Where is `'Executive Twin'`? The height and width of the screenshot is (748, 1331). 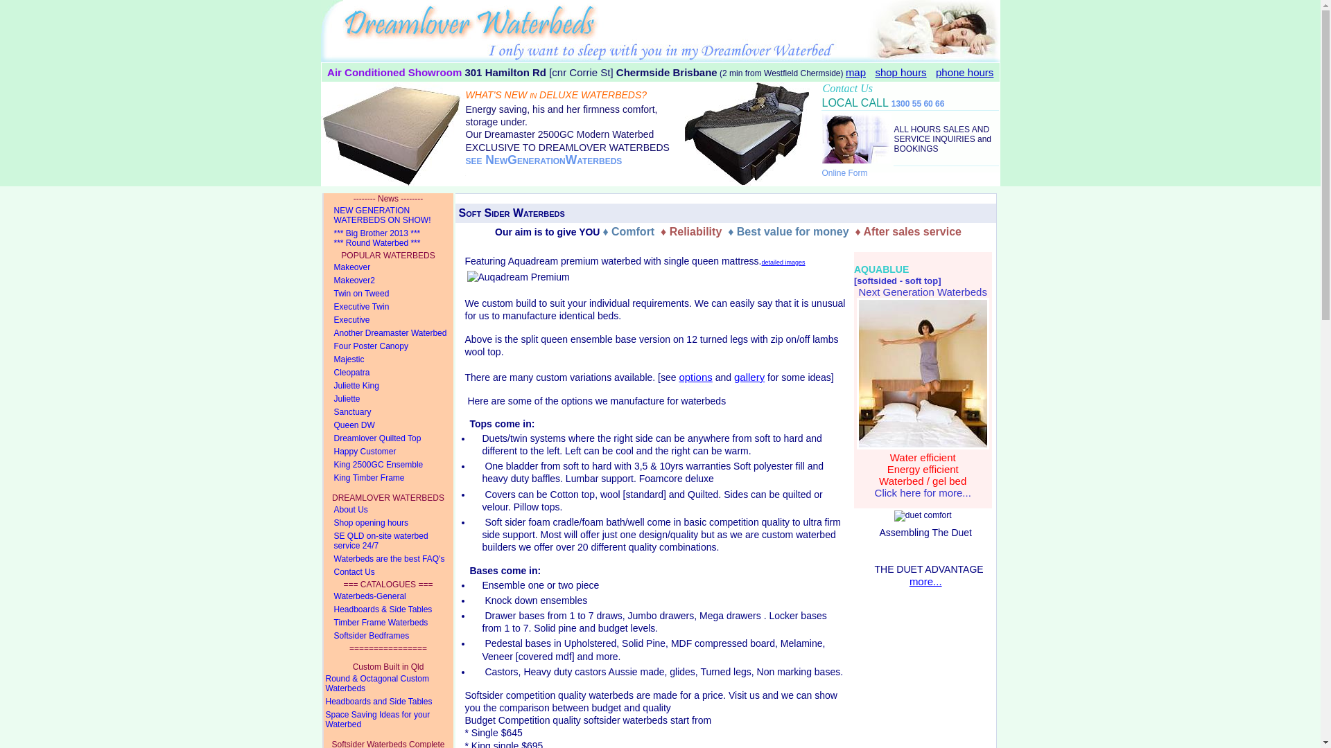
'Executive Twin' is located at coordinates (388, 306).